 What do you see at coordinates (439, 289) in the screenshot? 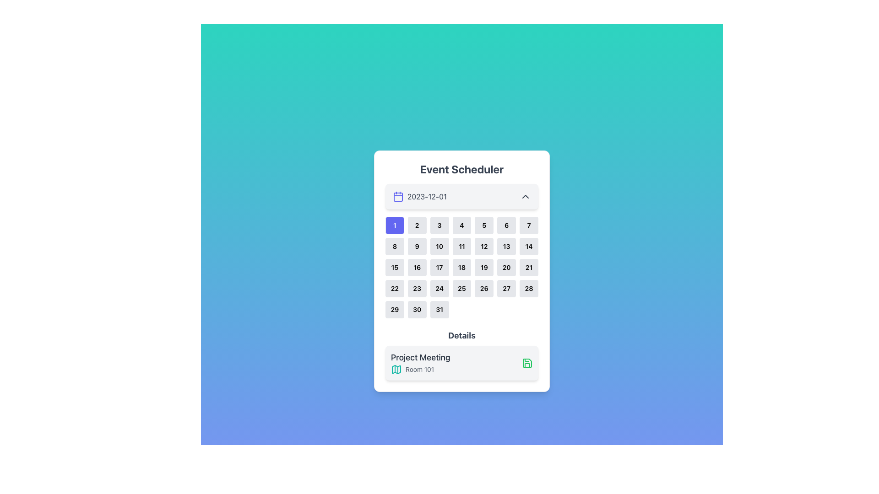
I see `the date selector button for the 24th of the month located in the fourth row and fourth column of the calendar grid` at bounding box center [439, 289].